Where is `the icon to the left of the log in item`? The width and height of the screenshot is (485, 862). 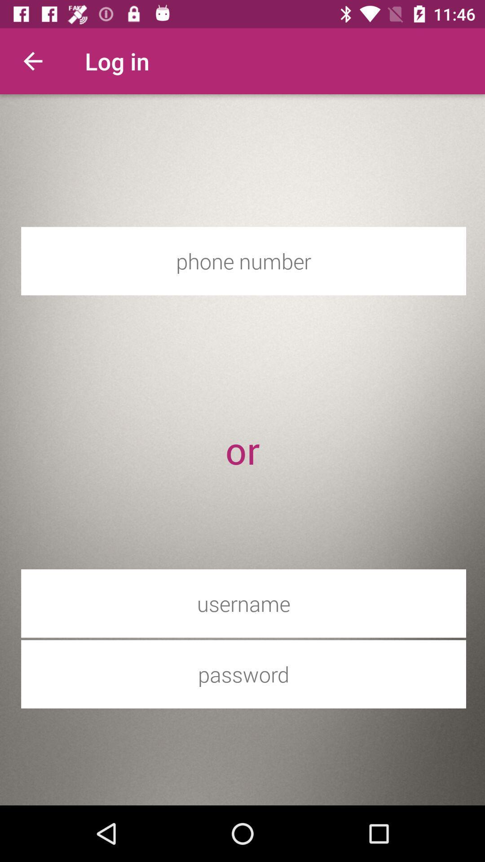
the icon to the left of the log in item is located at coordinates (32, 61).